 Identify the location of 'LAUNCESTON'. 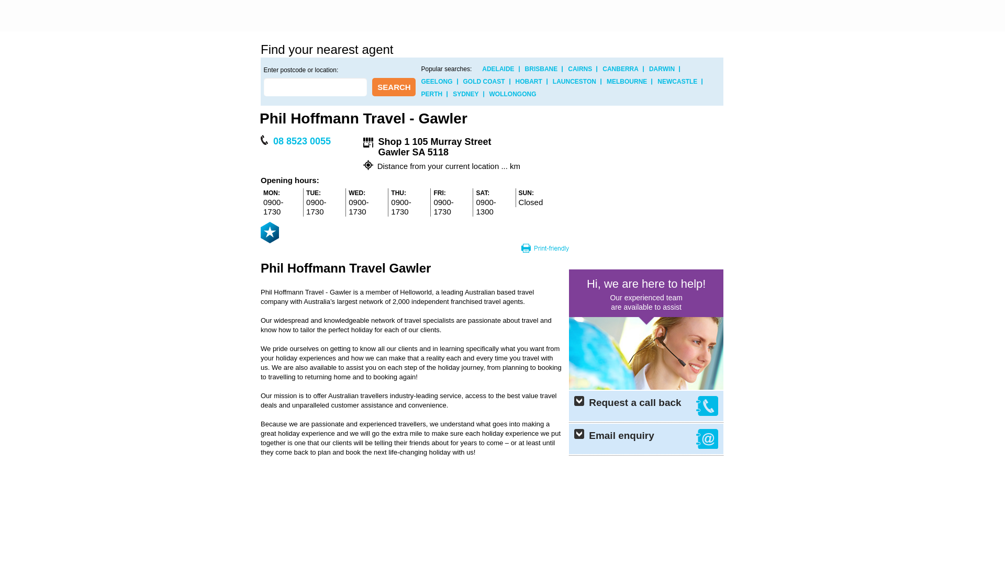
(552, 81).